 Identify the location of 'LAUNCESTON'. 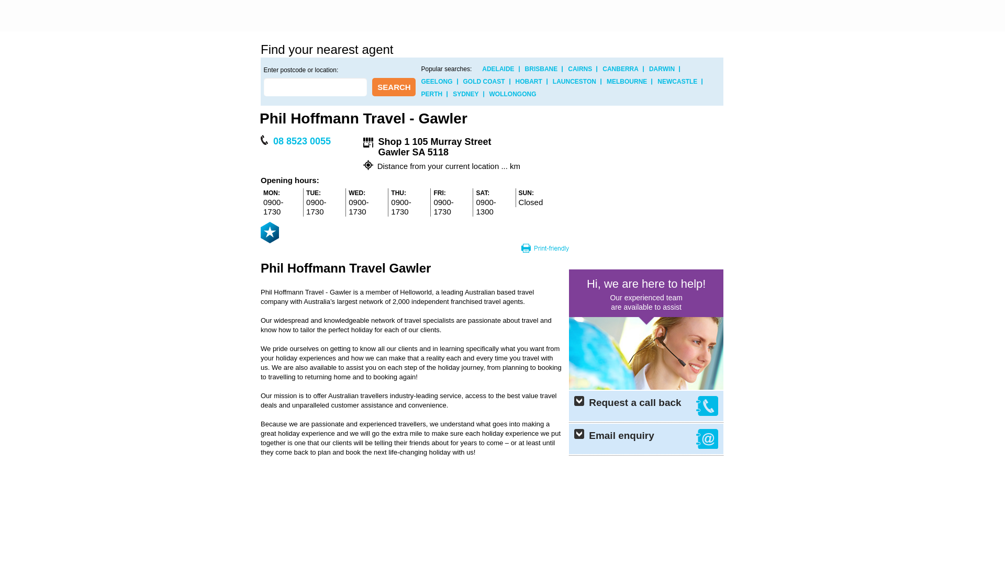
(552, 81).